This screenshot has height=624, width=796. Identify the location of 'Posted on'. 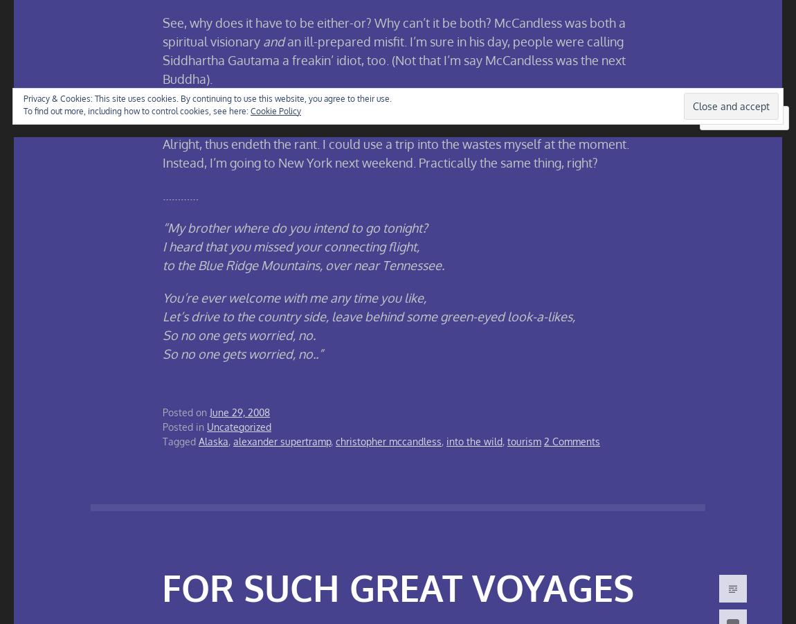
(161, 411).